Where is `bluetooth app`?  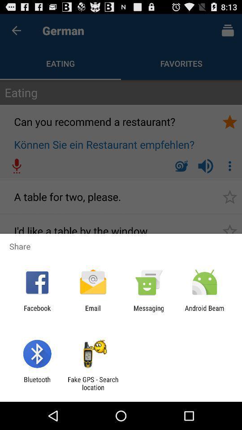 bluetooth app is located at coordinates (37, 383).